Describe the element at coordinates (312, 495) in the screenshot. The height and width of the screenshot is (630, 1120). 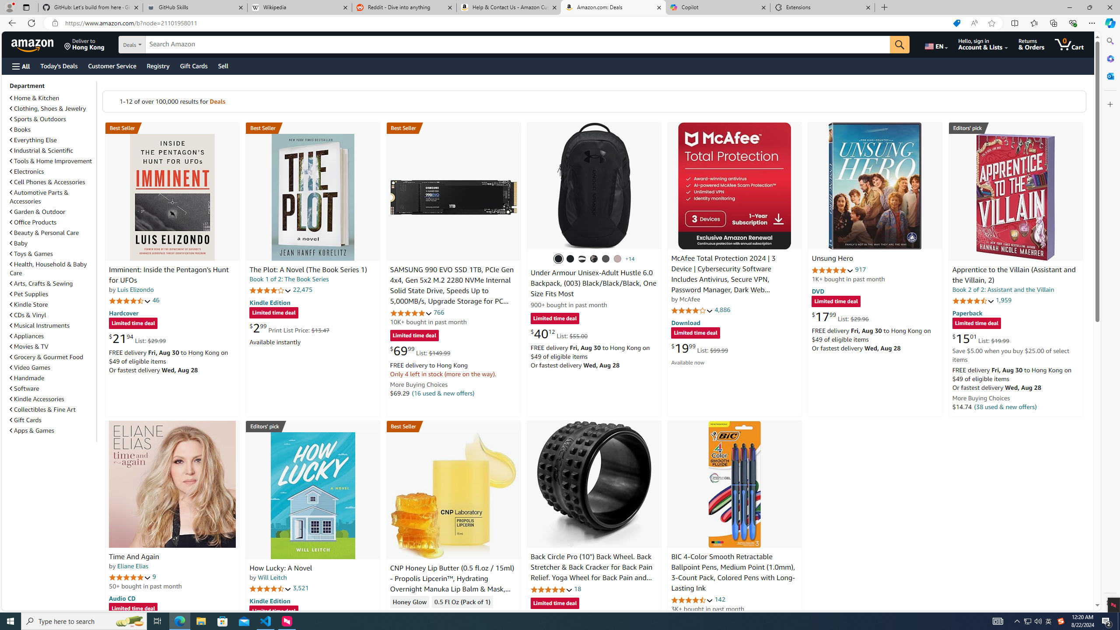
I see `'How Lucky: A Novel'` at that location.